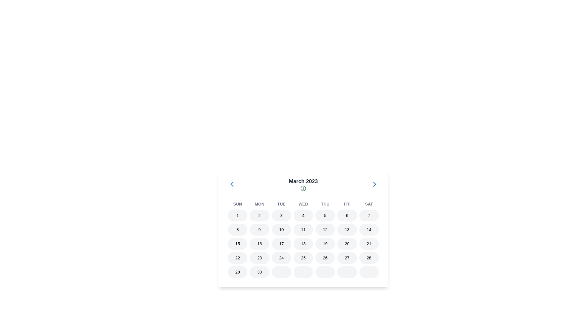 The image size is (566, 318). Describe the element at coordinates (368, 204) in the screenshot. I see `the header text label for the Saturday column in the calendar layout, which is positioned to the far right of the row displaying abbreviated weekday names` at that location.